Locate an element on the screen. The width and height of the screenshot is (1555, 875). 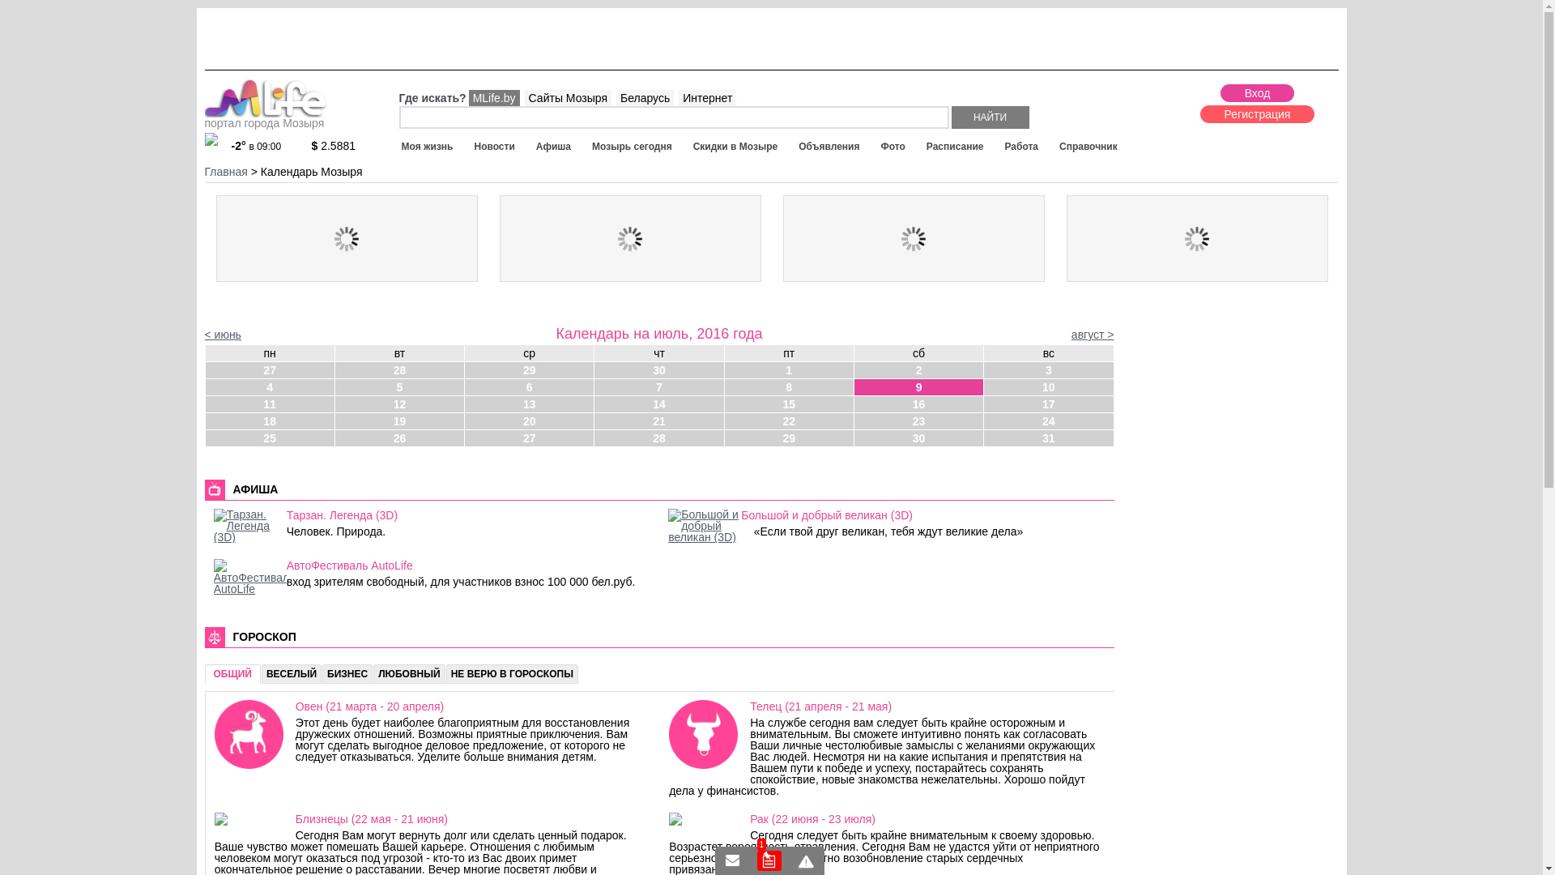
'8' is located at coordinates (789, 387).